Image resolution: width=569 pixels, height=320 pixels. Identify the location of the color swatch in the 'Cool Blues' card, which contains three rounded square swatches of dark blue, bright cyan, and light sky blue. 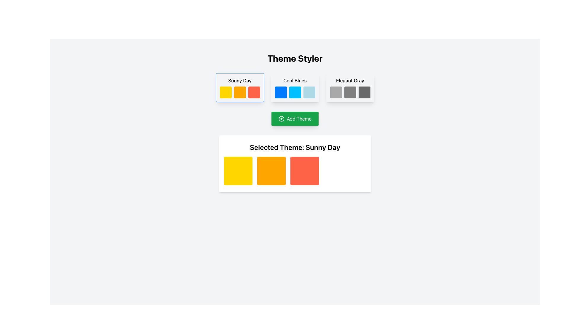
(295, 92).